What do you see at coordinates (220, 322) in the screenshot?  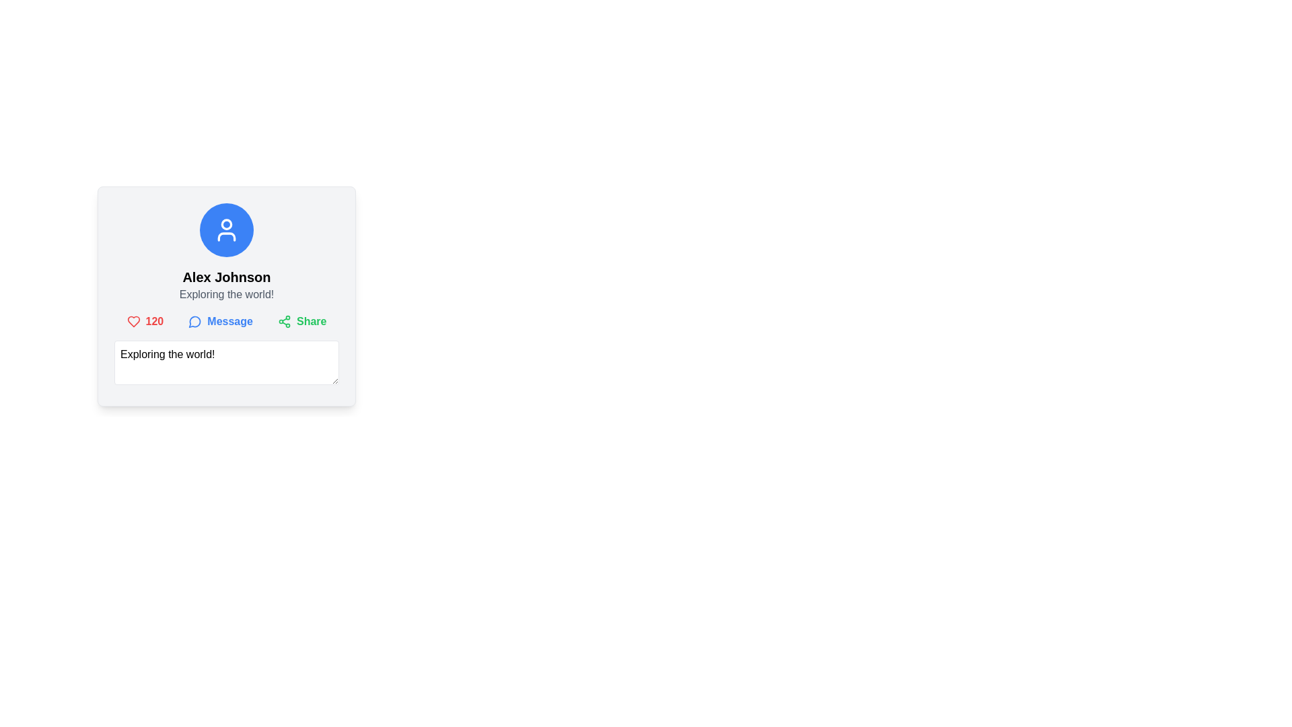 I see `the 'Message' button, which is visually distinctive with a blue color and has a speech bubble icon on its left, to initiate a messaging action` at bounding box center [220, 322].